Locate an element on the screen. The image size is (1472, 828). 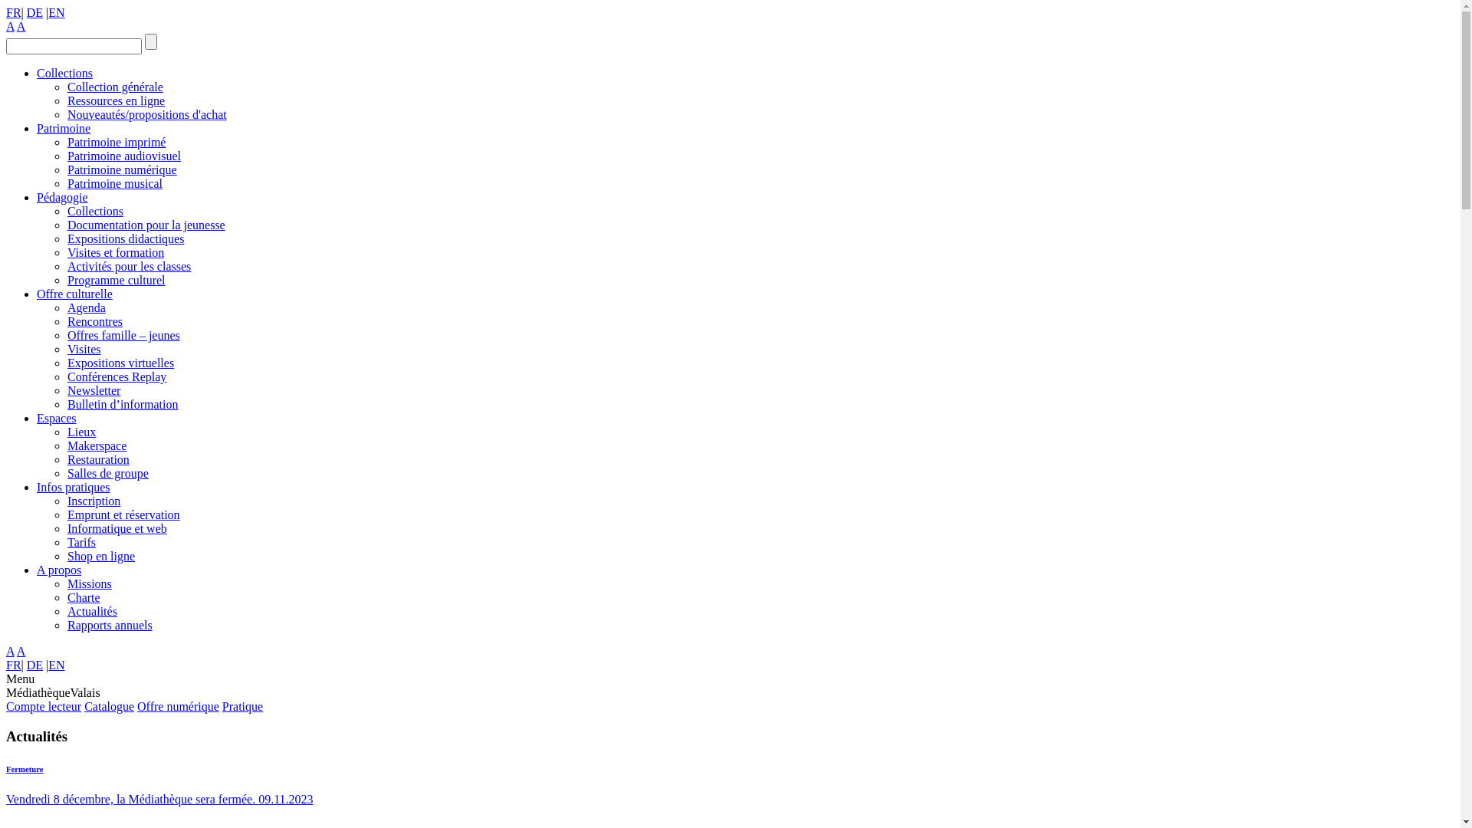
'Documentation pour la jeunesse' is located at coordinates (146, 225).